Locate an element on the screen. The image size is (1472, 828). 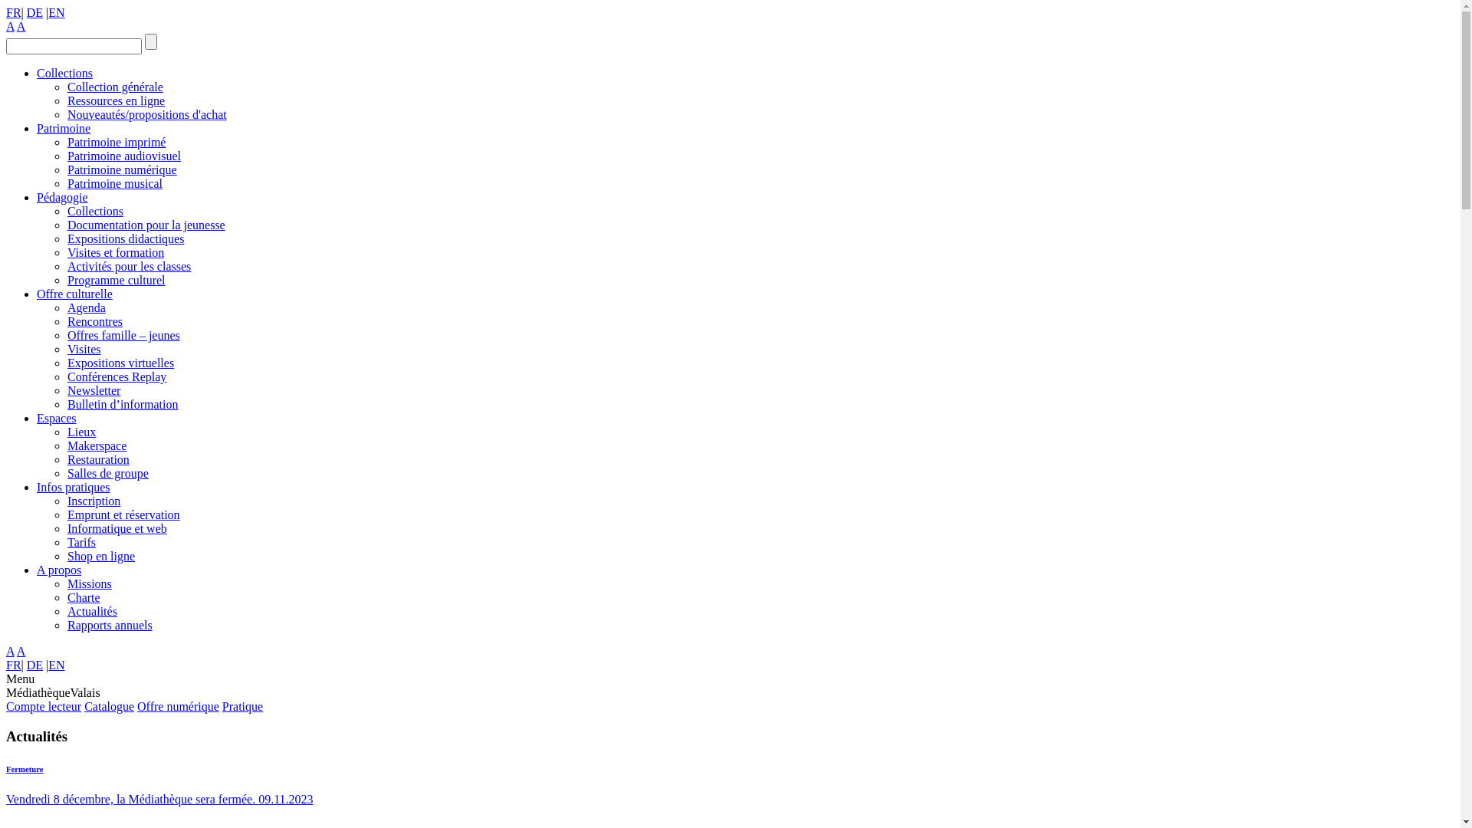
'Documentation pour la jeunesse' is located at coordinates (146, 225).